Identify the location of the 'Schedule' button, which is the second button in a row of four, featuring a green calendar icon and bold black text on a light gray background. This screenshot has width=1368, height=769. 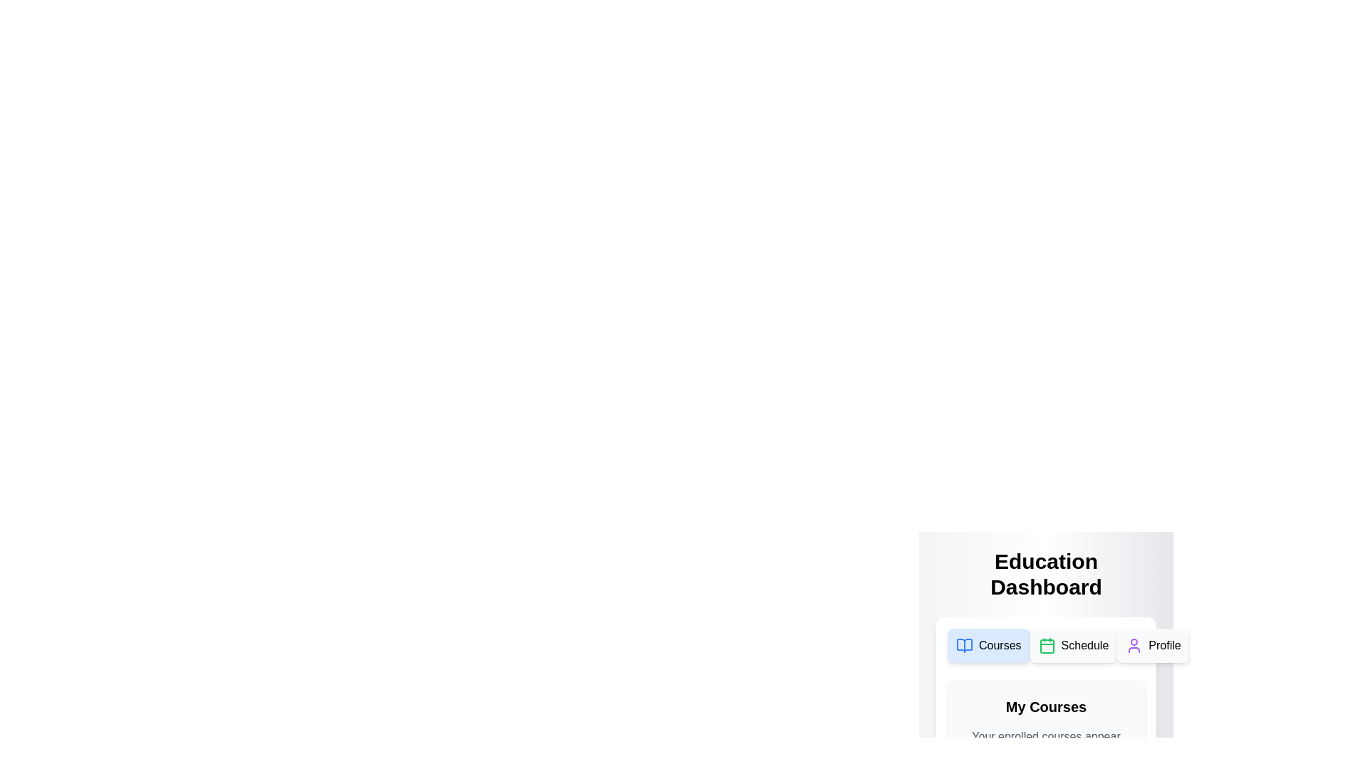
(1074, 645).